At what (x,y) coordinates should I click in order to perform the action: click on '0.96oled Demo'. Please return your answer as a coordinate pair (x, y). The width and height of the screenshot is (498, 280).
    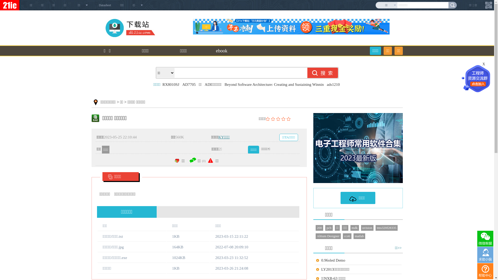
    Looking at the image, I should click on (321, 260).